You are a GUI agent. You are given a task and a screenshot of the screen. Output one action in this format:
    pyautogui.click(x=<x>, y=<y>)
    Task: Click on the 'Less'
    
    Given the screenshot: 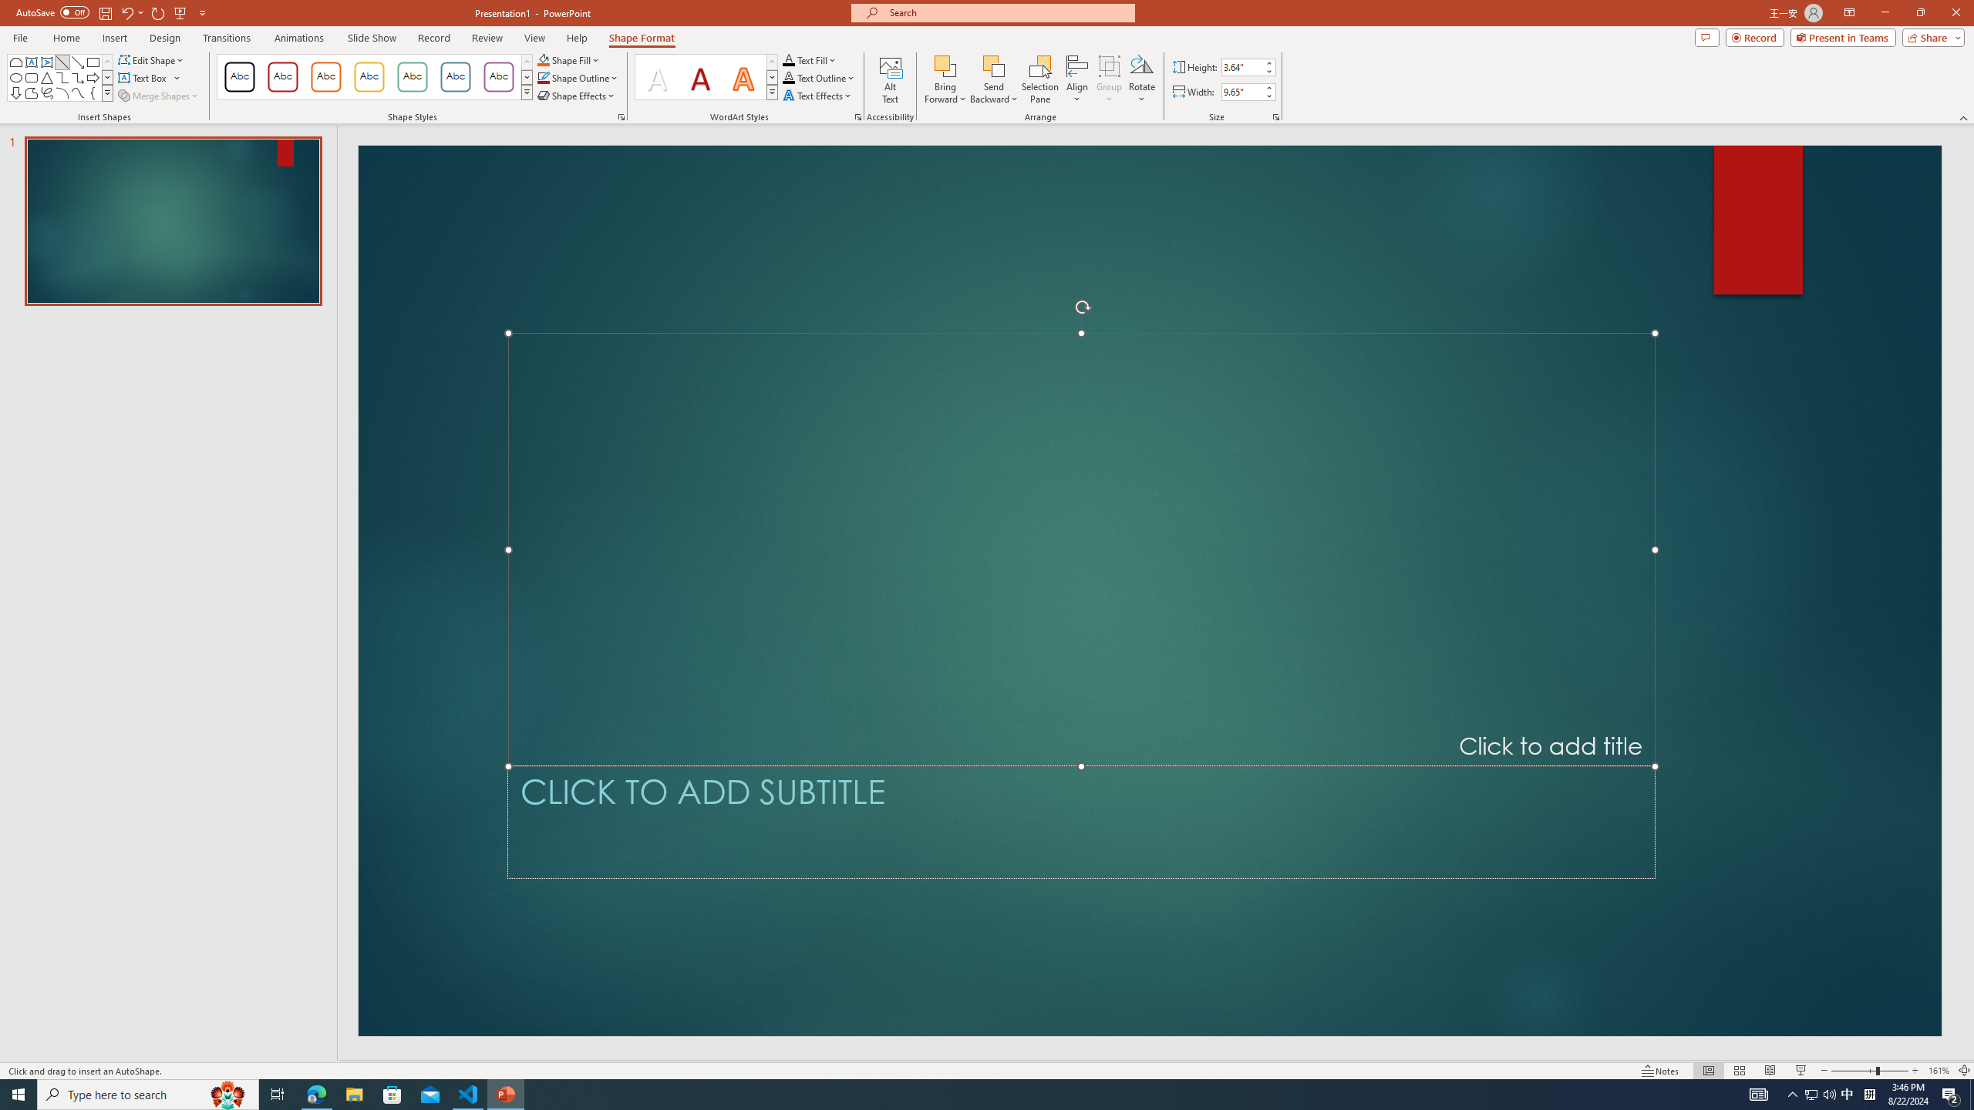 What is the action you would take?
    pyautogui.click(x=1267, y=95)
    